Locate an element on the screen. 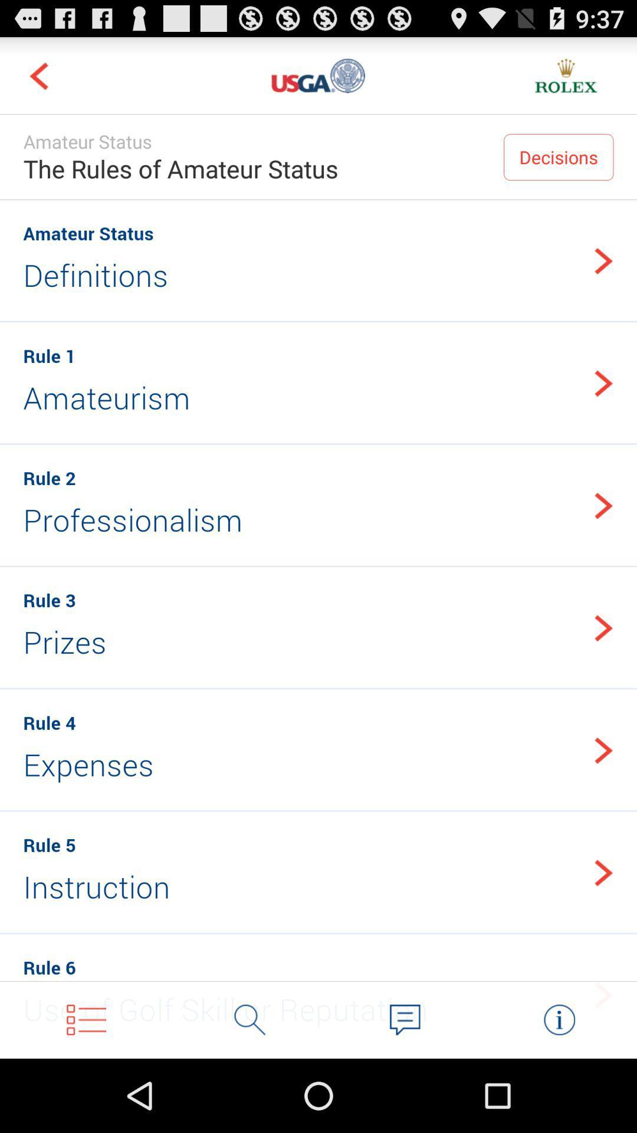  navigate to previous screen is located at coordinates (38, 75).